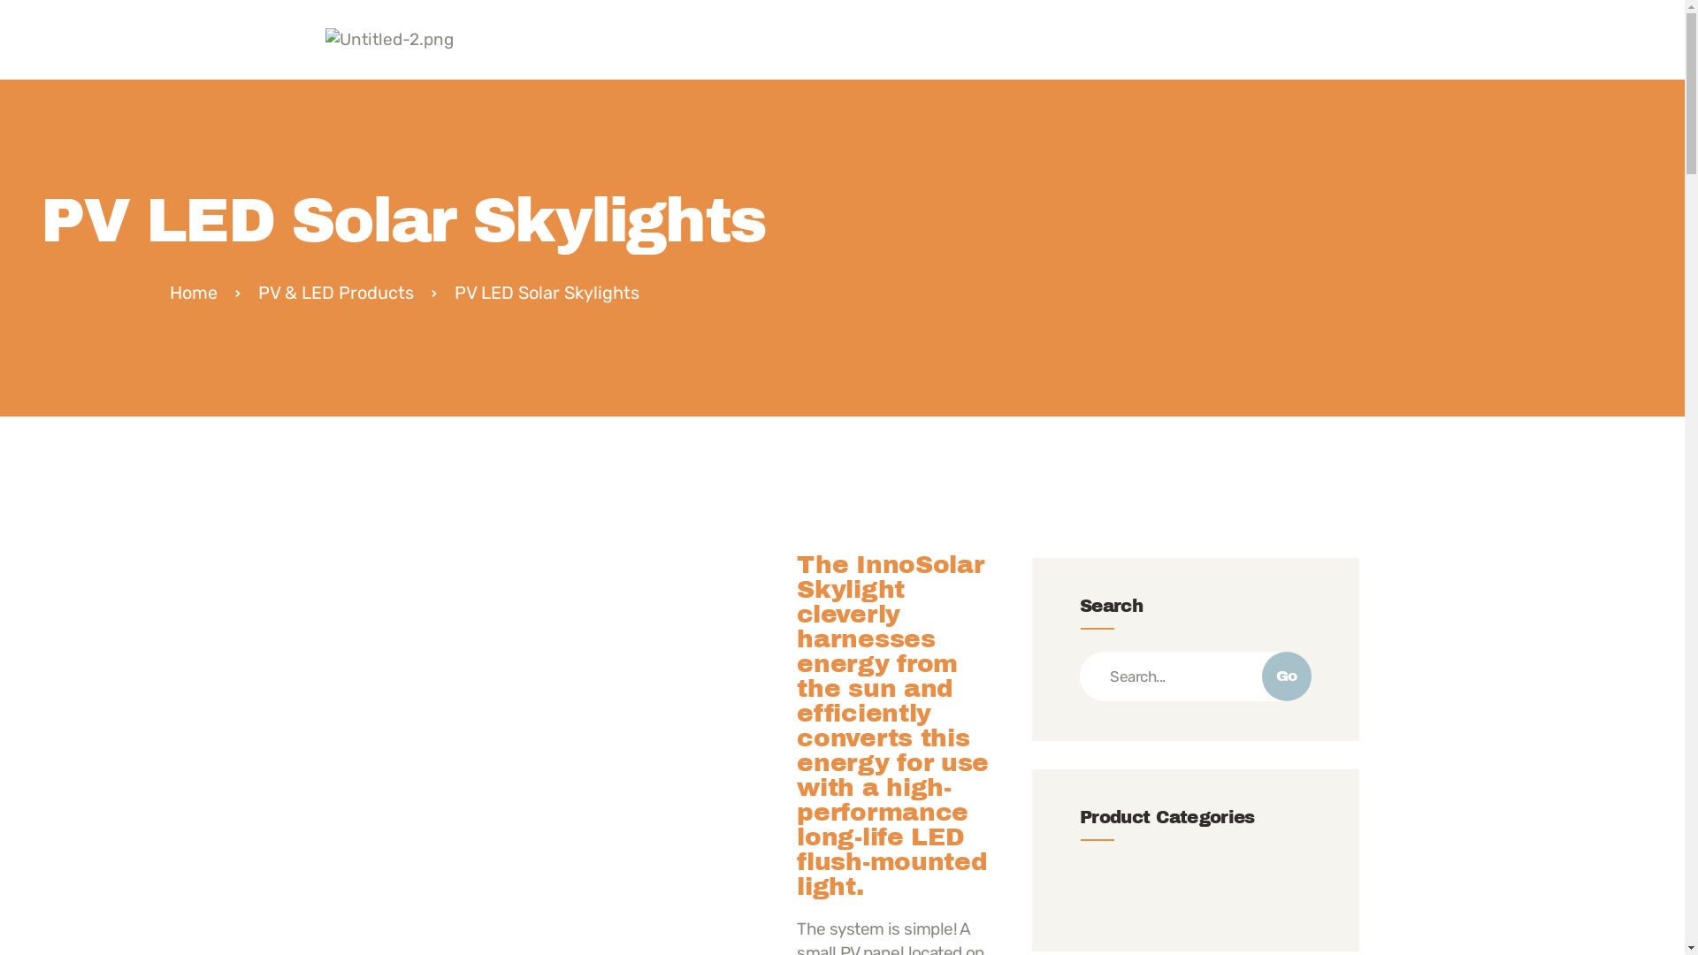  I want to click on 'PV & LED Products', so click(335, 292).